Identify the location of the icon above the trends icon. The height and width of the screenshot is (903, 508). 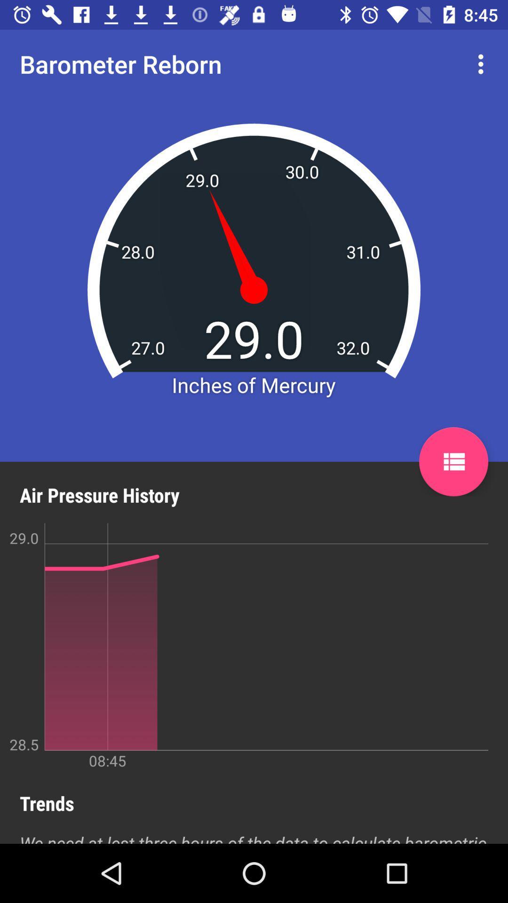
(244, 646).